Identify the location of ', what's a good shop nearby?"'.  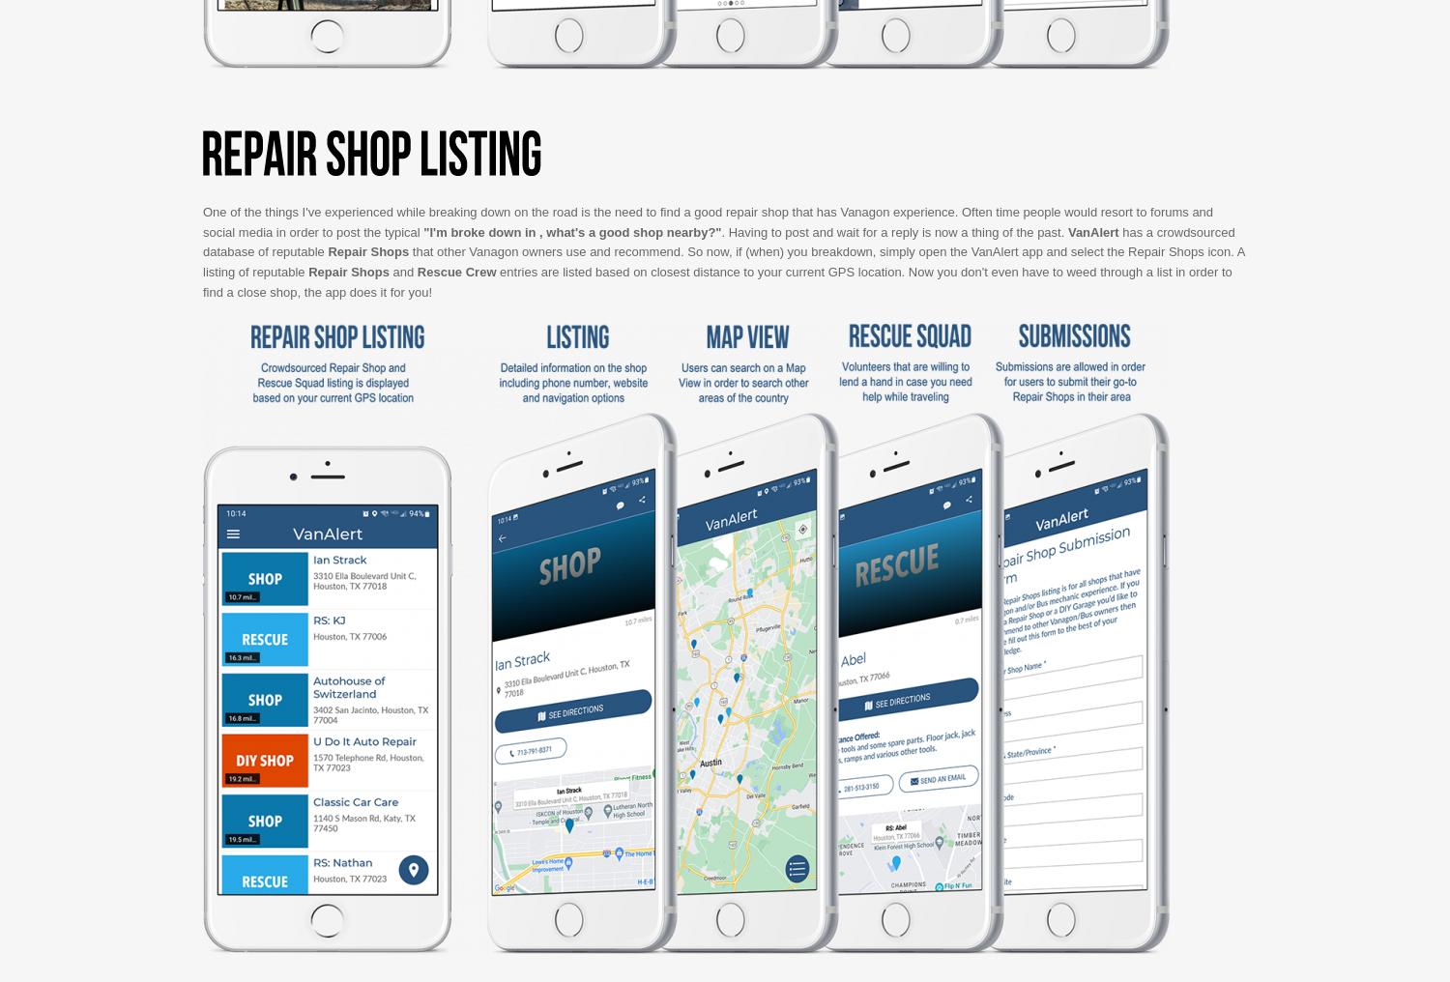
(630, 231).